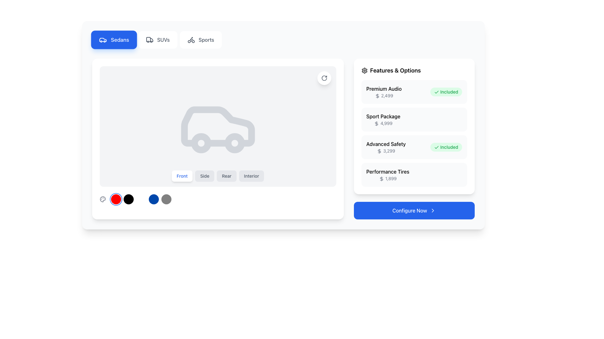 The image size is (604, 339). What do you see at coordinates (387, 172) in the screenshot?
I see `the Text Label displaying 'Performance Tires', which is part of the 'Features & Options' section and is located in the fourth row above the price text '$1,899'` at bounding box center [387, 172].